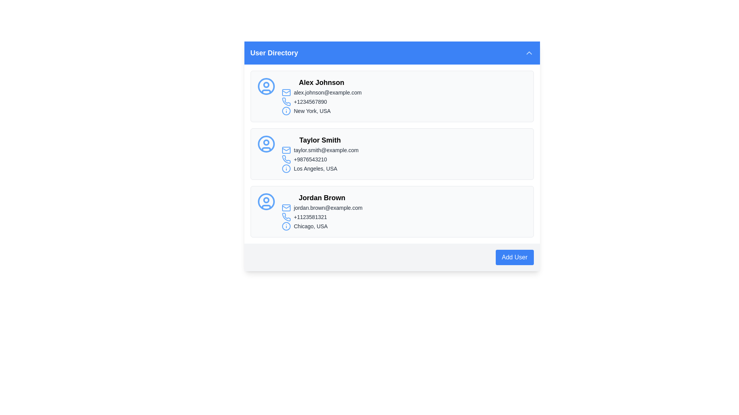 This screenshot has width=739, height=415. Describe the element at coordinates (321, 83) in the screenshot. I see `the interactive text label displaying 'Alex Johnson' at the top of the user card` at that location.